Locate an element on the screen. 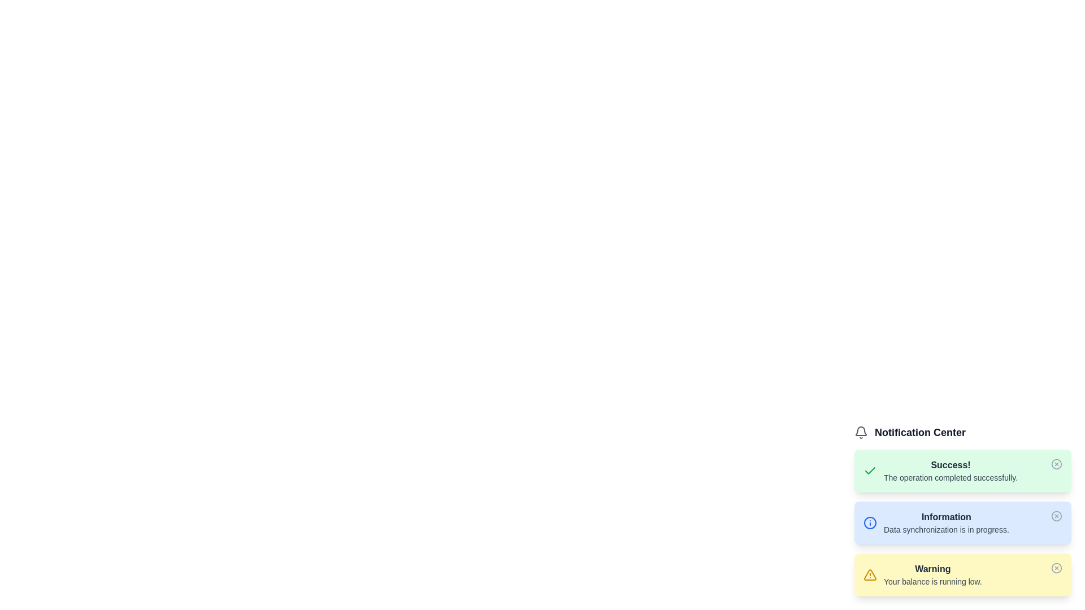 This screenshot has height=610, width=1085. message content of the Alert notification located in the bottom section of the notification center, right below the 'Information' notification is located at coordinates (932, 575).